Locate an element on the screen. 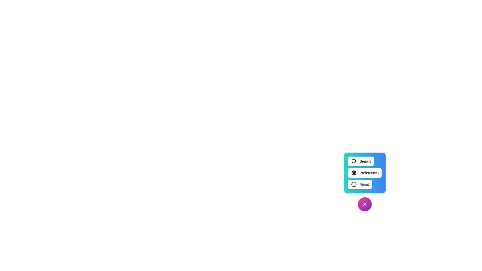  the 'Preferences' button to open the preferences menu is located at coordinates (365, 173).